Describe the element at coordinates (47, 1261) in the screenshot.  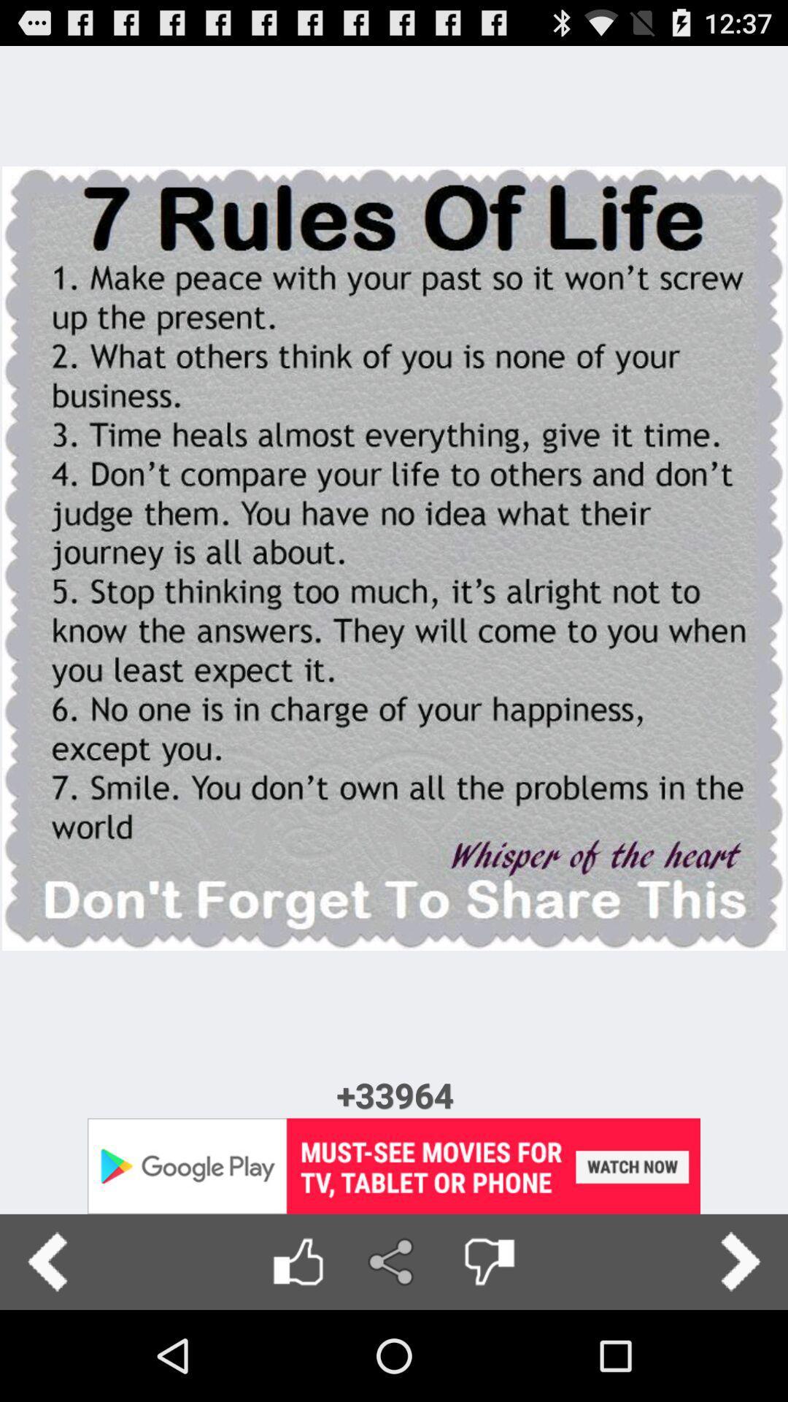
I see `previous page` at that location.